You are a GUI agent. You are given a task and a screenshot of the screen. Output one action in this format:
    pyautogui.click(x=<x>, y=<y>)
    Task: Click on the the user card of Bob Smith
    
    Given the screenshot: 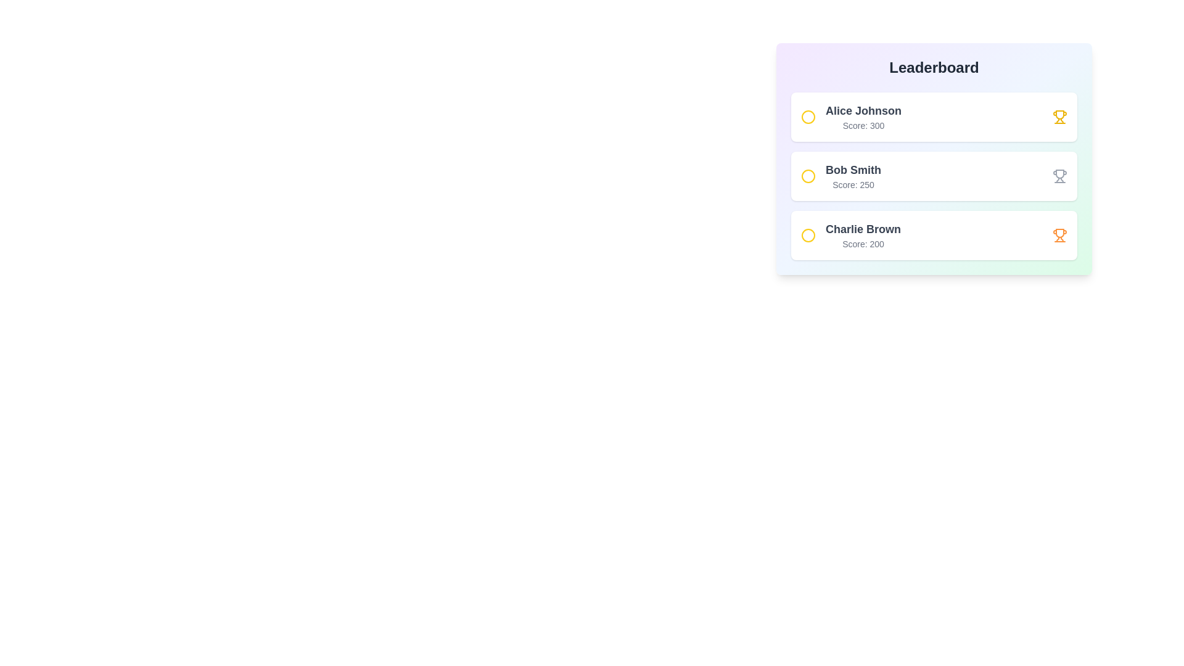 What is the action you would take?
    pyautogui.click(x=934, y=176)
    